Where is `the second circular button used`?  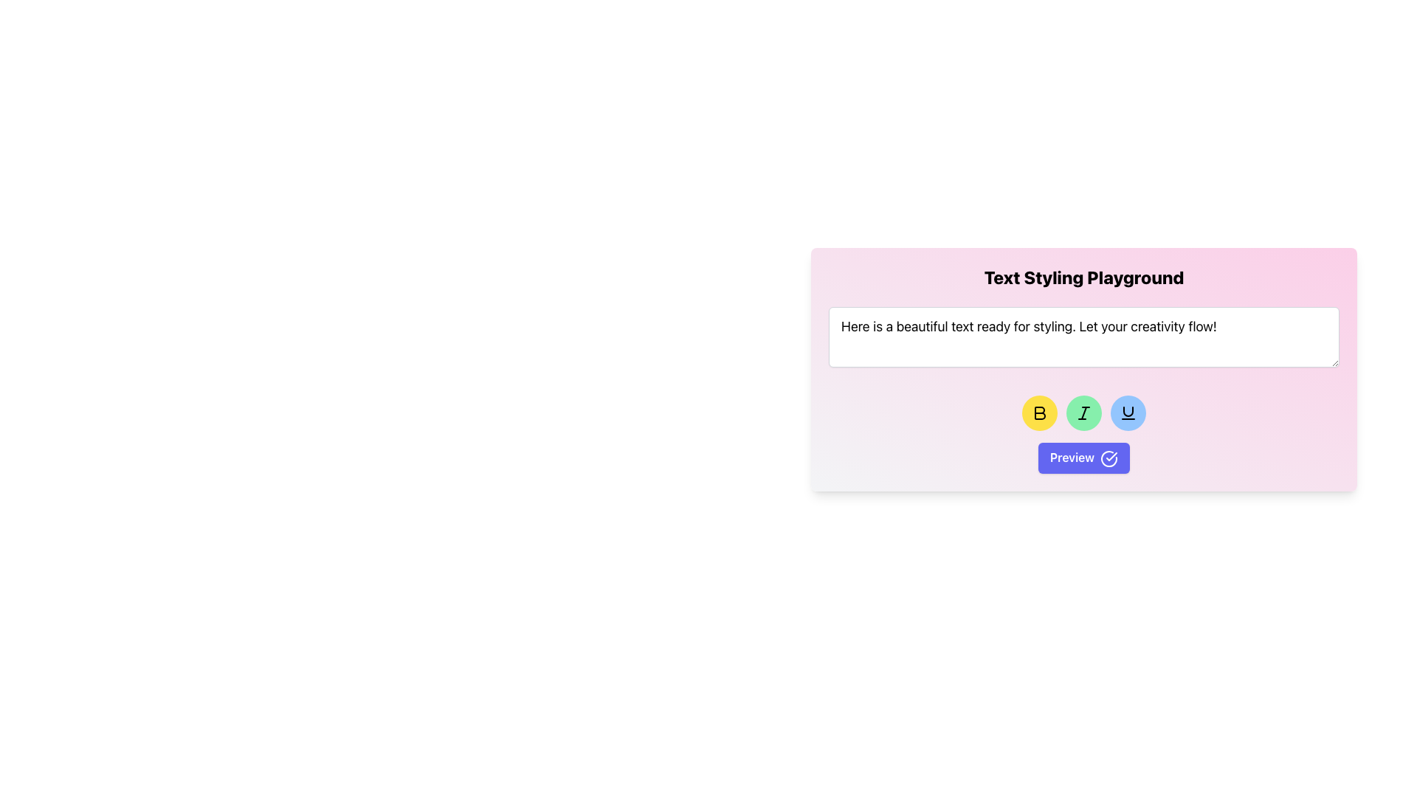 the second circular button used is located at coordinates (1083, 413).